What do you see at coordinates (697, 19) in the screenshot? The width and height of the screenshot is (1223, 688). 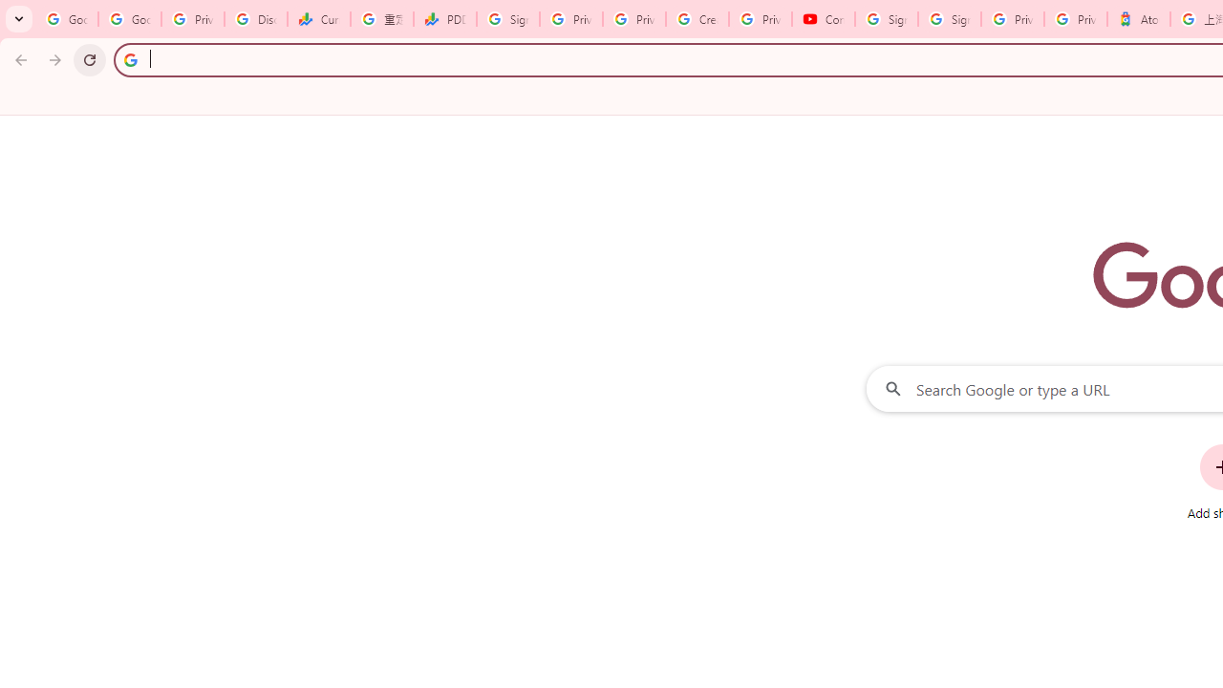 I see `'Create your Google Account'` at bounding box center [697, 19].